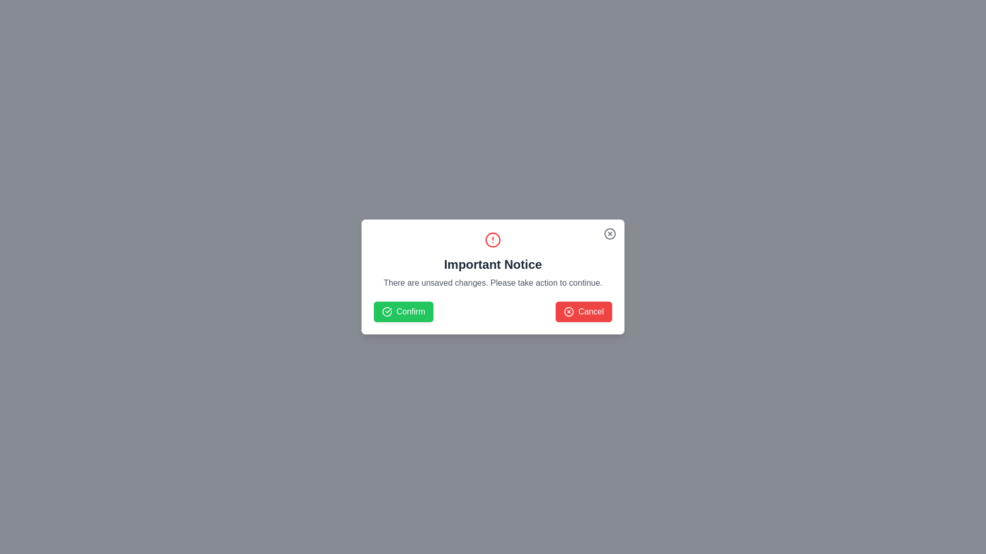  I want to click on the decorative SVG circle element that serves as the border for the close ('X') icon in the top-right corner of the modal window, so click(610, 233).